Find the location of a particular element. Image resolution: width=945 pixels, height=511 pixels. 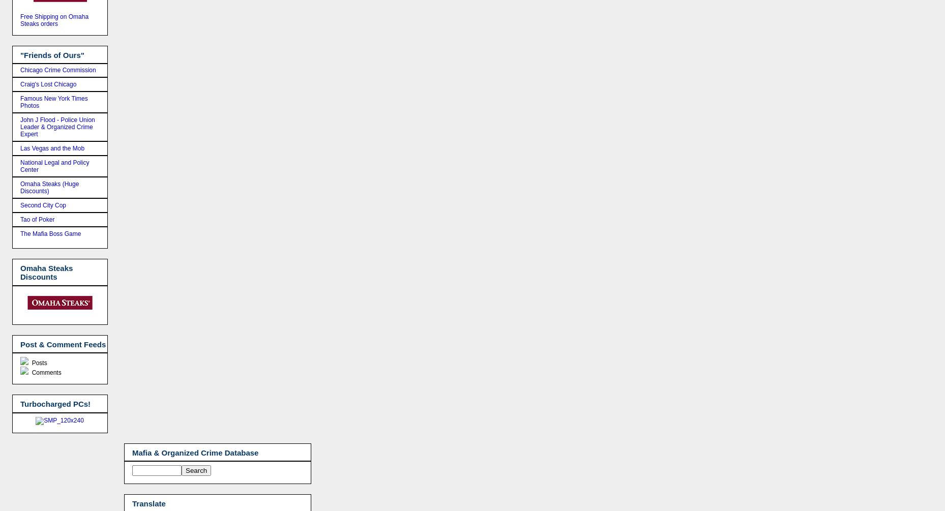

'Famous New York Times Photos' is located at coordinates (54, 102).